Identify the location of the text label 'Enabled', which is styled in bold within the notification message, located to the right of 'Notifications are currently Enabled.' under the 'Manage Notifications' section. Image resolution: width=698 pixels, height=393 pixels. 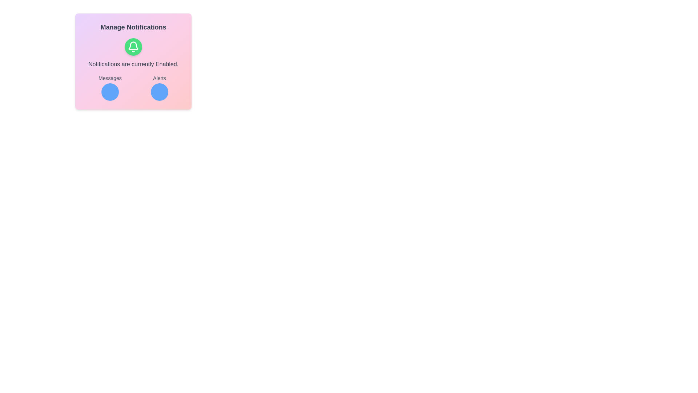
(166, 64).